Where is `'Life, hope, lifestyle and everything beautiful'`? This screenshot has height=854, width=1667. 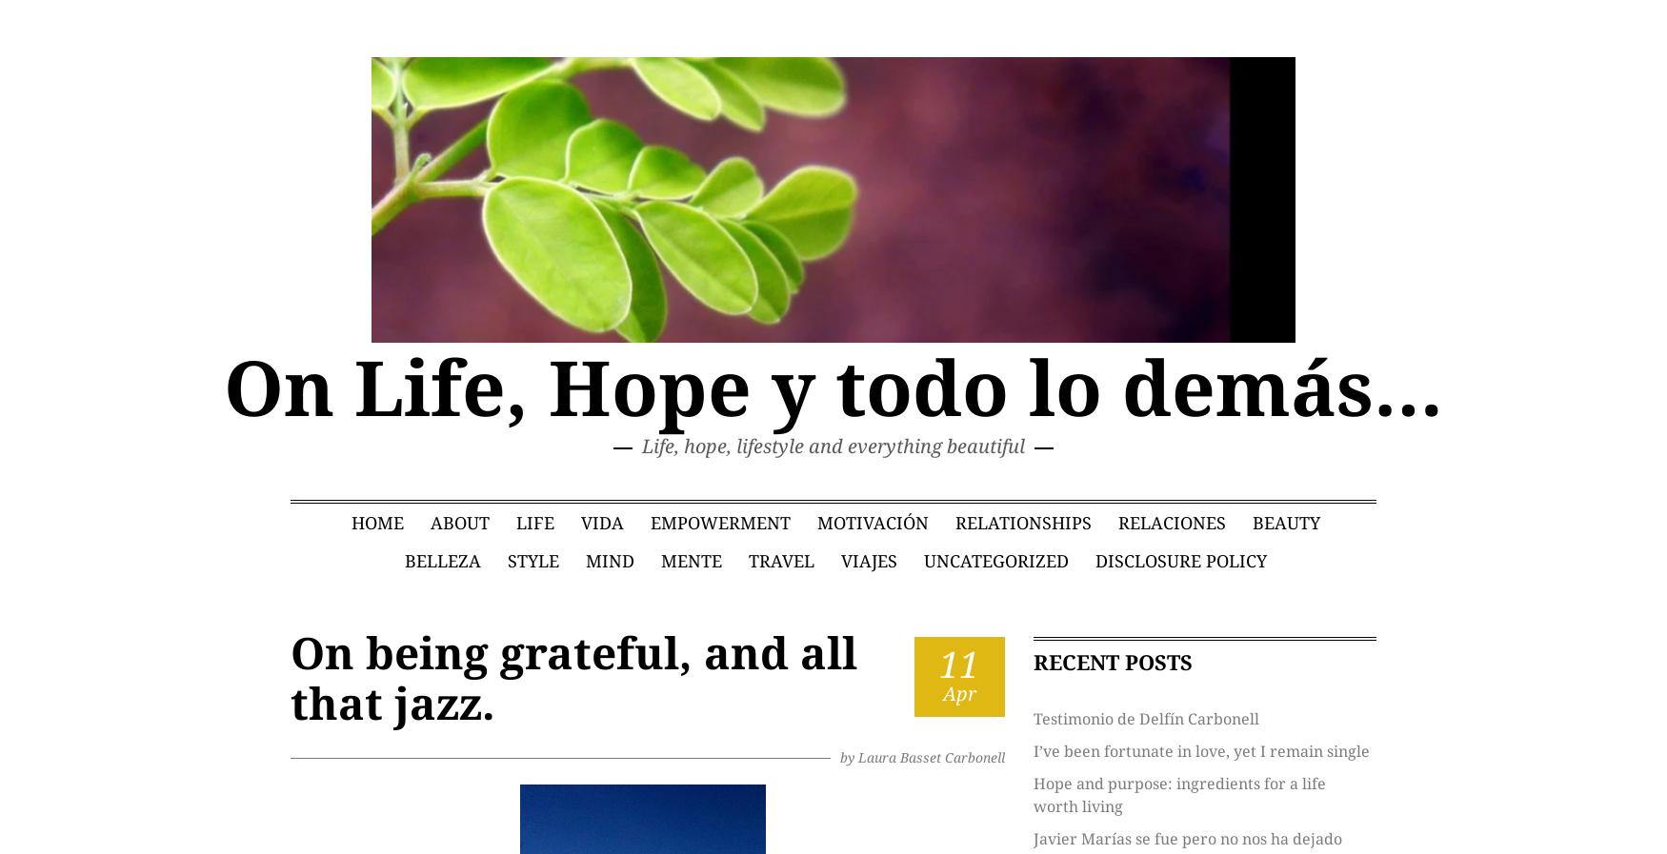
'Life, hope, lifestyle and everything beautiful' is located at coordinates (833, 446).